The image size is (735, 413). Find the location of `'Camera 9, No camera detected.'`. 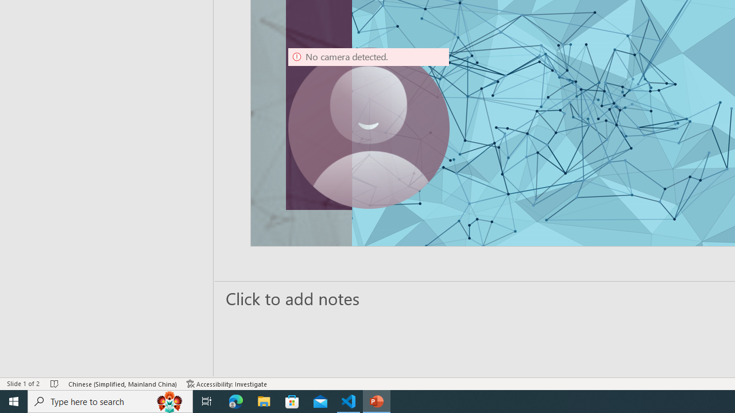

'Camera 9, No camera detected.' is located at coordinates (368, 128).